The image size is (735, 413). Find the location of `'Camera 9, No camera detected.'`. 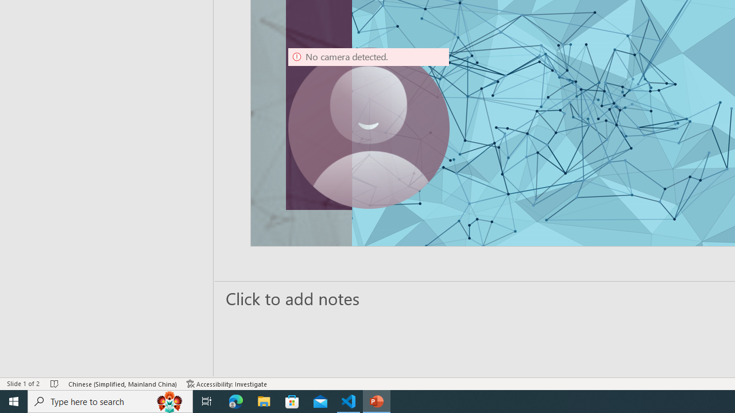

'Camera 9, No camera detected.' is located at coordinates (368, 128).